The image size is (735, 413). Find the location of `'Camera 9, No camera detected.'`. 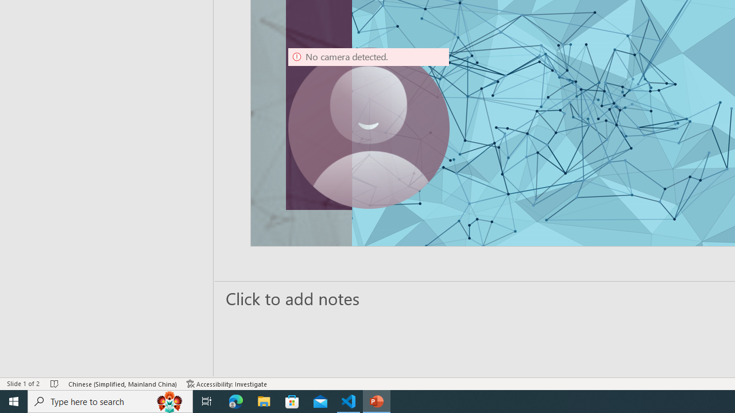

'Camera 9, No camera detected.' is located at coordinates (368, 128).